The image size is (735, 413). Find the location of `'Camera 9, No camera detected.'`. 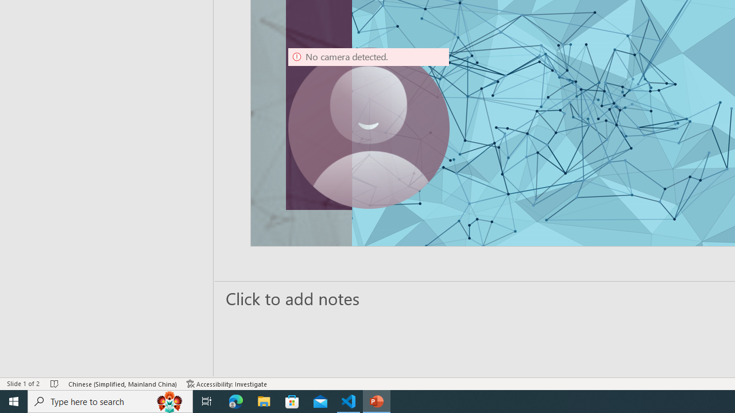

'Camera 9, No camera detected.' is located at coordinates (368, 128).